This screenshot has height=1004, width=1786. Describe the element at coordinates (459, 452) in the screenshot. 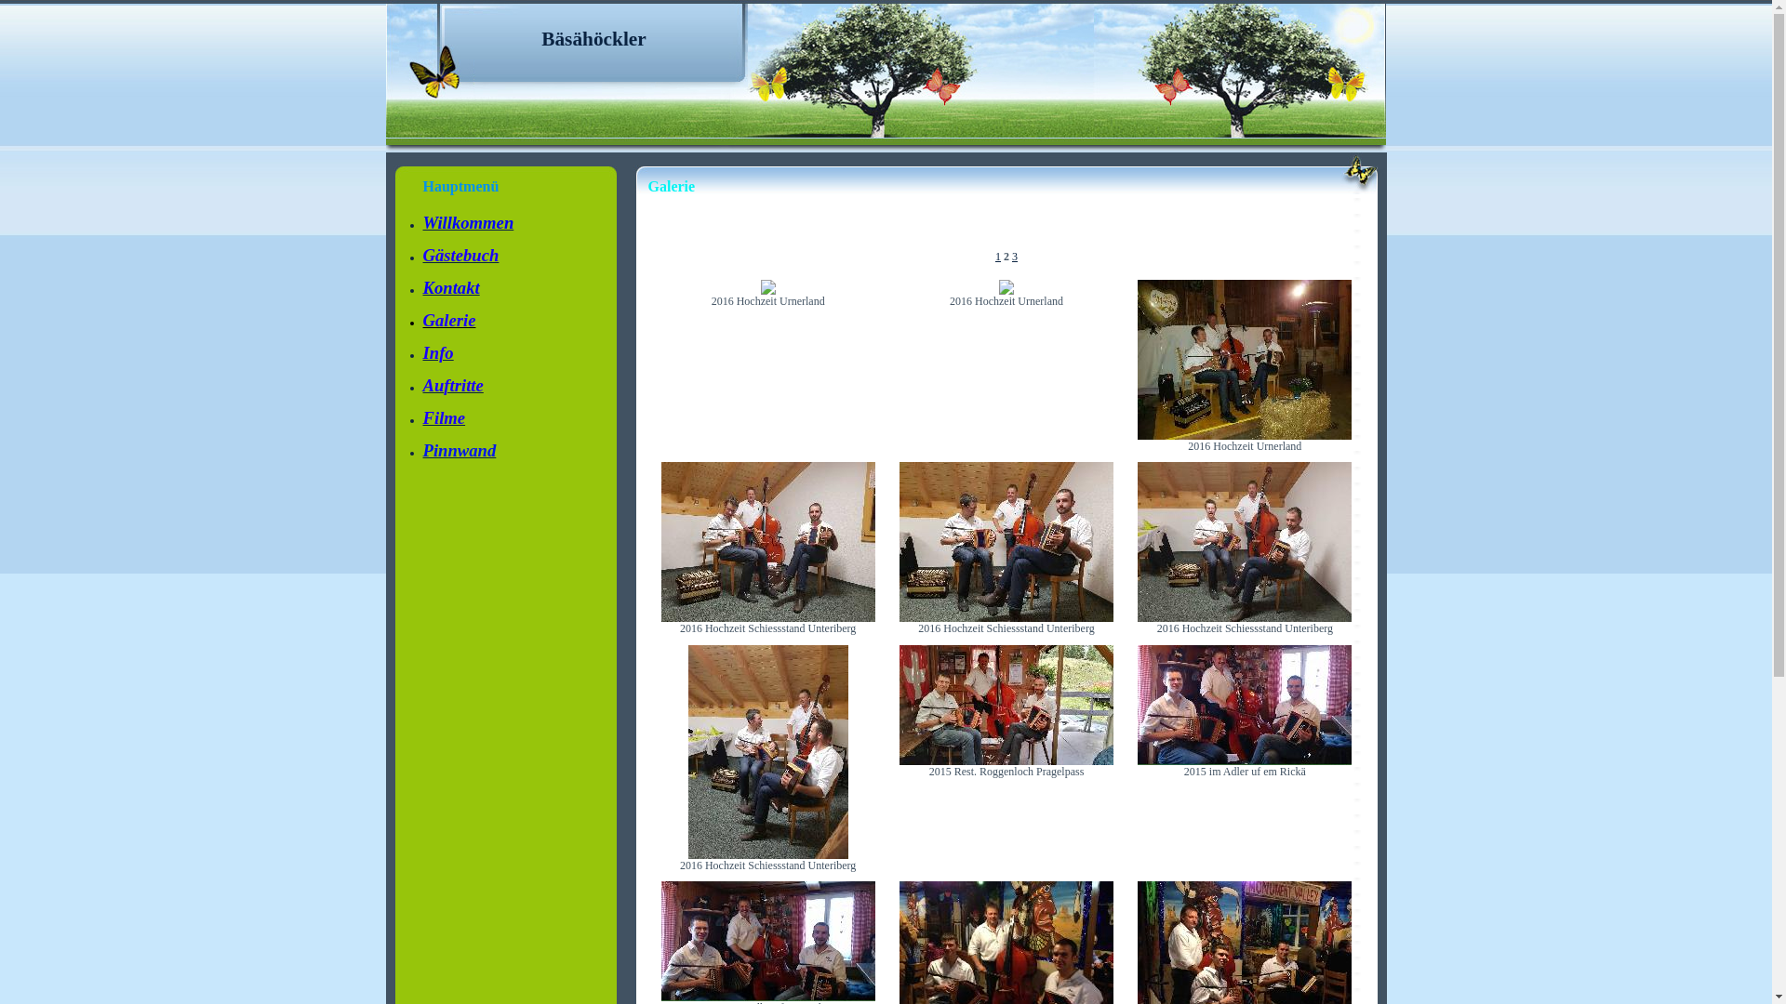

I see `'Pinnwand'` at that location.